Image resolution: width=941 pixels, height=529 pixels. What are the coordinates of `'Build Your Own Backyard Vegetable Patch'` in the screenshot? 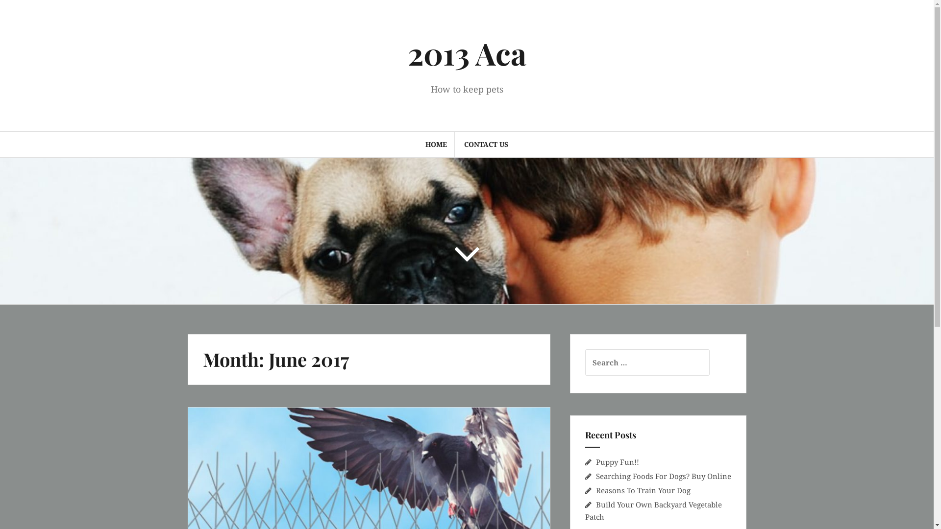 It's located at (653, 510).